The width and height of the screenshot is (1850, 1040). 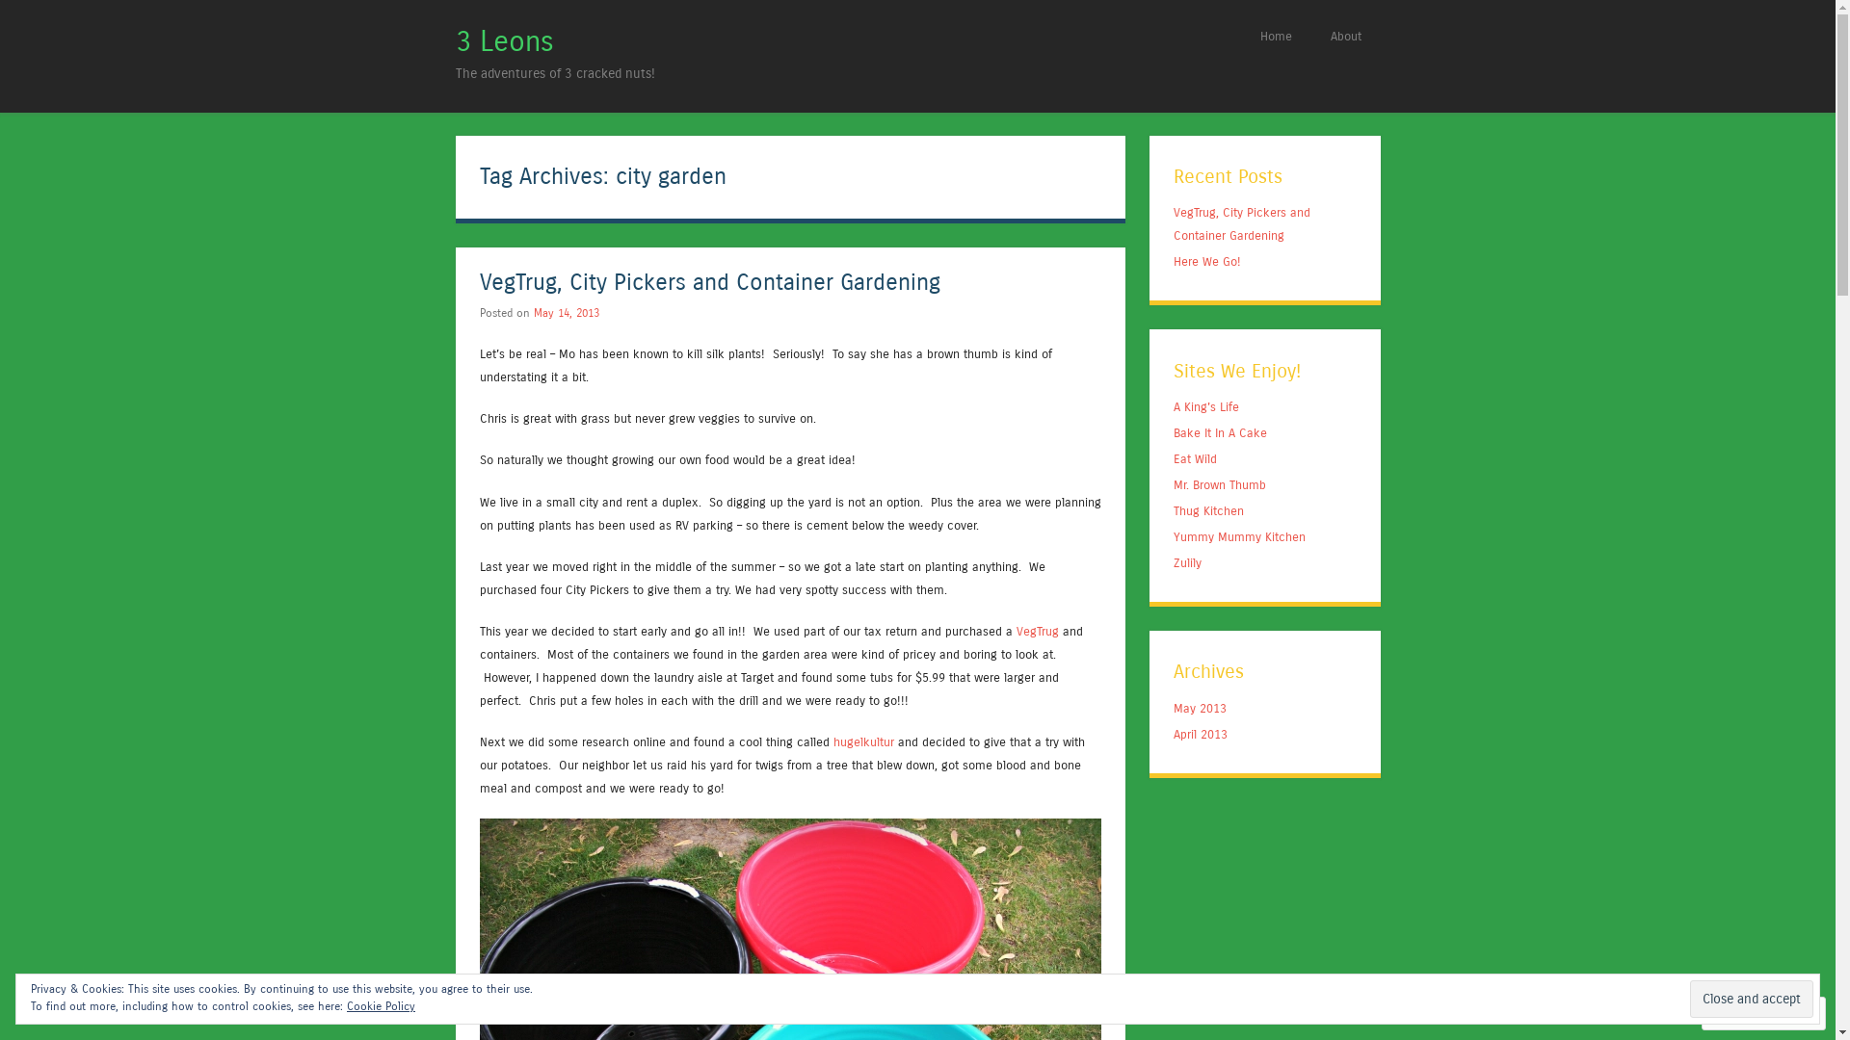 What do you see at coordinates (1186, 562) in the screenshot?
I see `'Zulily'` at bounding box center [1186, 562].